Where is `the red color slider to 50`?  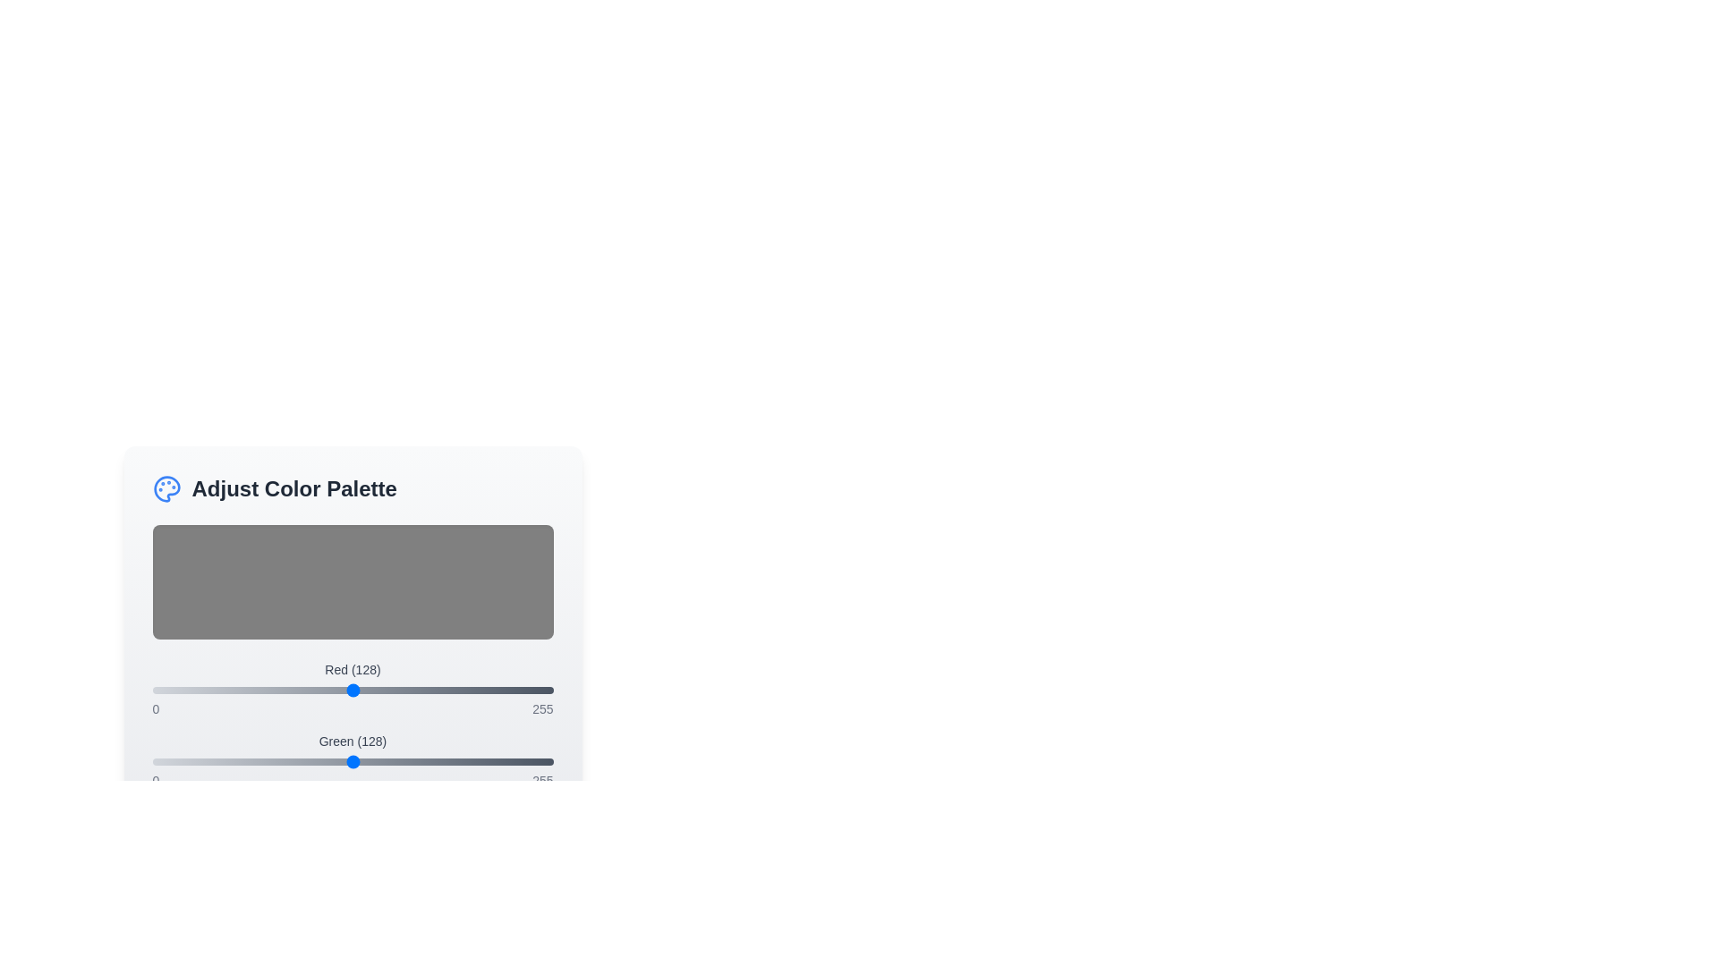 the red color slider to 50 is located at coordinates (230, 689).